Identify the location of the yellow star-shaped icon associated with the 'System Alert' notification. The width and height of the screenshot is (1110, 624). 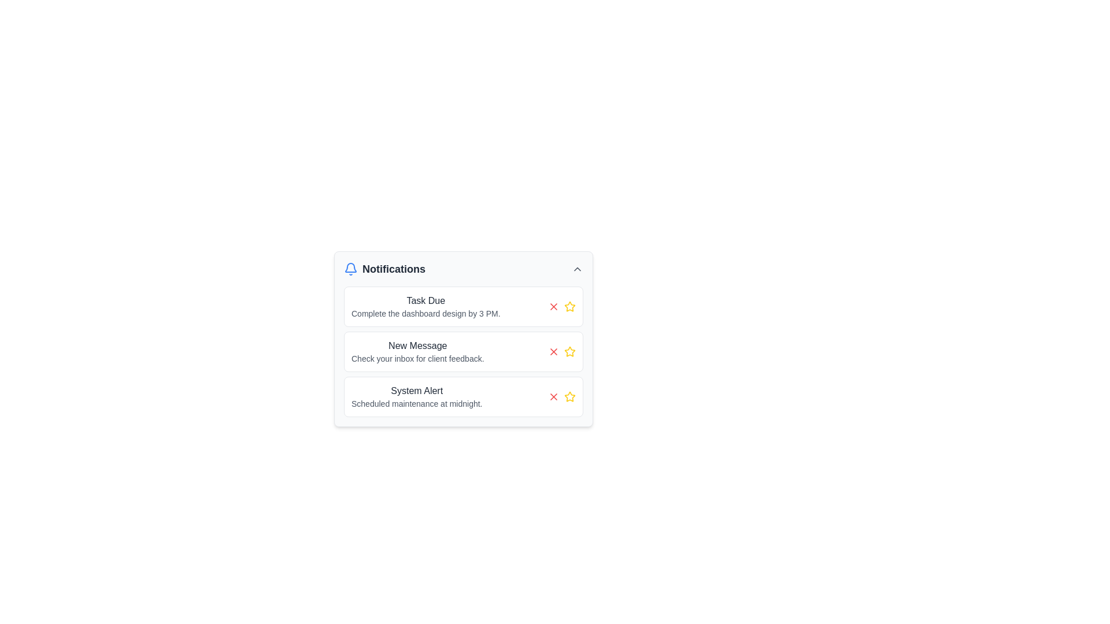
(569, 396).